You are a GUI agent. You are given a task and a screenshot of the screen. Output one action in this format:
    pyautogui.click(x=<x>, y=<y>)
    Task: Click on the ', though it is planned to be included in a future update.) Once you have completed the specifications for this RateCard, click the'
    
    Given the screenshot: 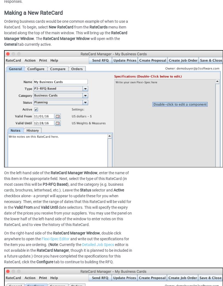 What is the action you would take?
    pyautogui.click(x=68, y=255)
    